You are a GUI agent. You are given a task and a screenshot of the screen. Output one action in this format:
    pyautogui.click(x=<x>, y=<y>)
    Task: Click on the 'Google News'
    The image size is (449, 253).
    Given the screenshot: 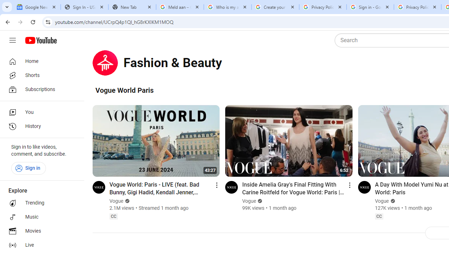 What is the action you would take?
    pyautogui.click(x=36, y=7)
    